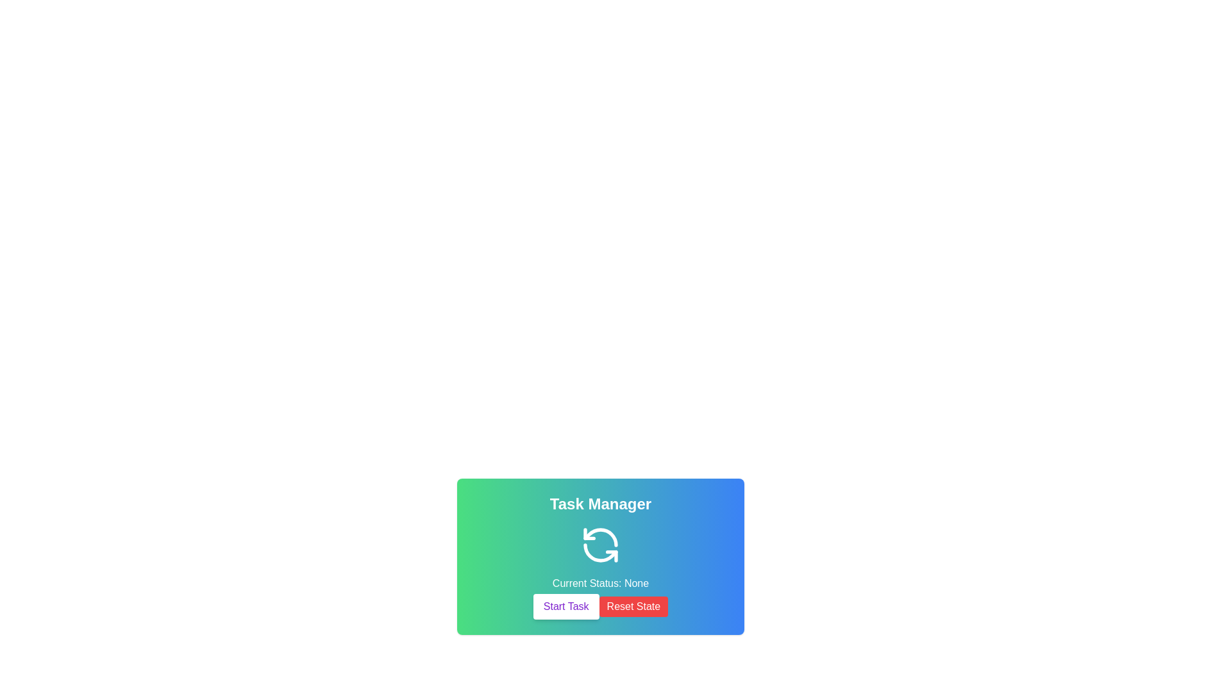  What do you see at coordinates (599, 538) in the screenshot?
I see `the topmost curved segment of the SVG-based circular refresh icon in the Task Manager interface` at bounding box center [599, 538].